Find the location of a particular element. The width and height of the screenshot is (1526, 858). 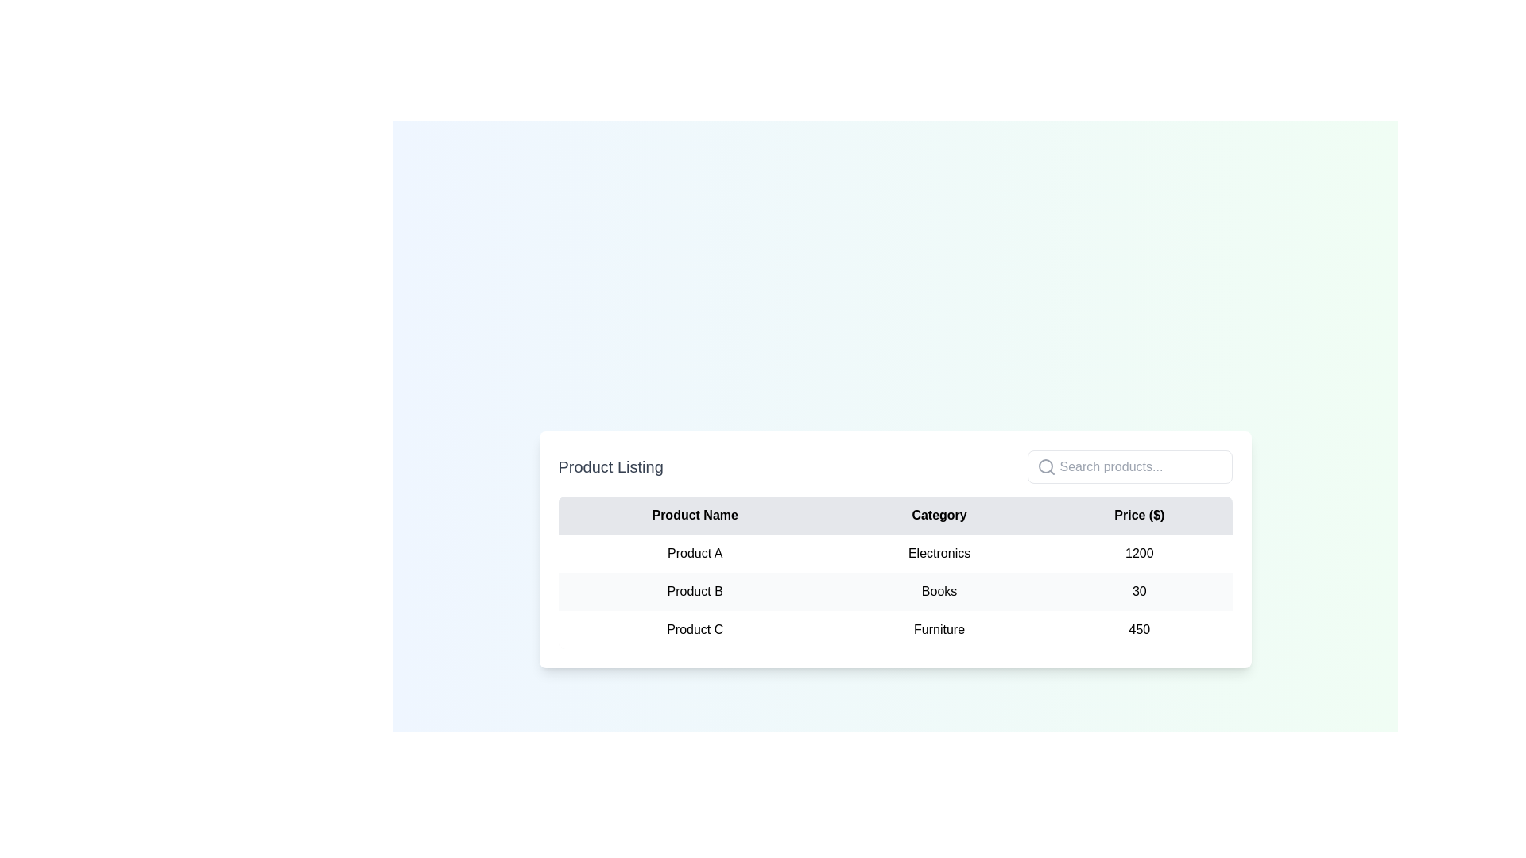

the numeric price display for 'Product B' in the third column, aligned with the column header 'Price ($)' is located at coordinates (1138, 591).